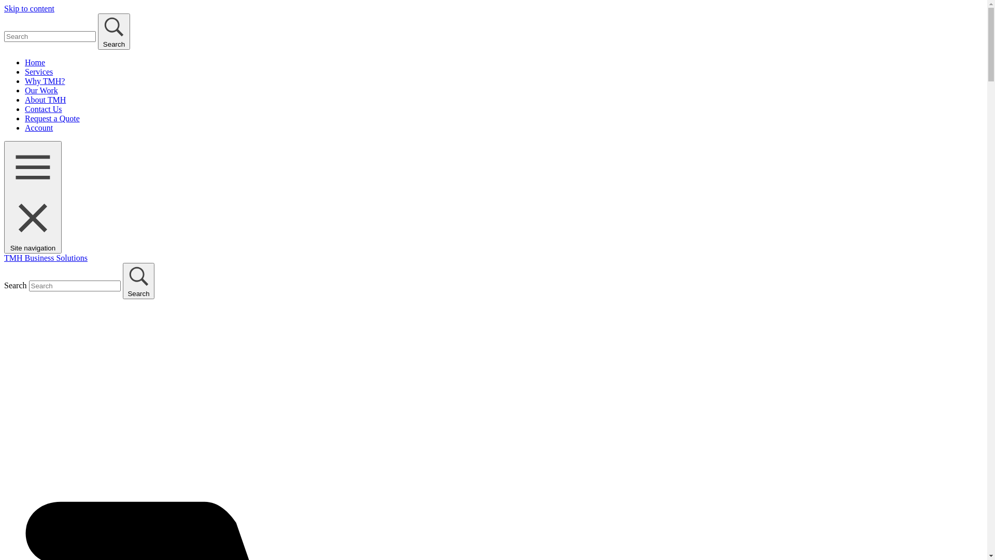 The height and width of the screenshot is (560, 995). I want to click on 'Request a Quote', so click(25, 118).